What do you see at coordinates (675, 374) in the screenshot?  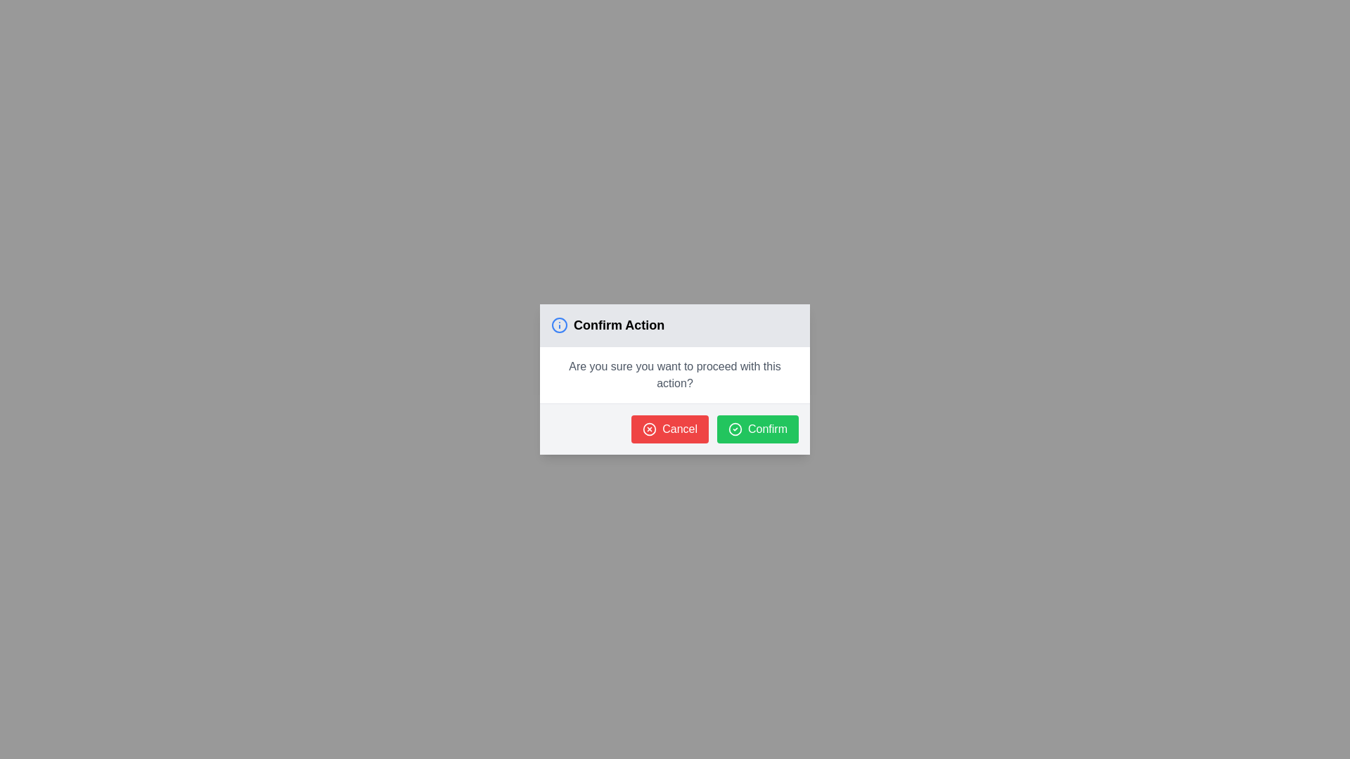 I see `confirmation message text displayed centrally in the modal dialog, located below the header section` at bounding box center [675, 374].